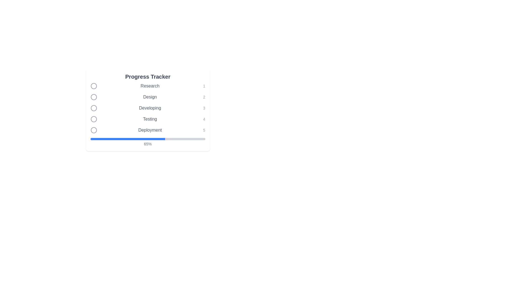  I want to click on the third list item in the progress tracker component, which contains a circular icon on the left, the text 'Developing' in darker gray in the center, and the number '3' in a smaller, lighter gray font on the right, so click(148, 108).